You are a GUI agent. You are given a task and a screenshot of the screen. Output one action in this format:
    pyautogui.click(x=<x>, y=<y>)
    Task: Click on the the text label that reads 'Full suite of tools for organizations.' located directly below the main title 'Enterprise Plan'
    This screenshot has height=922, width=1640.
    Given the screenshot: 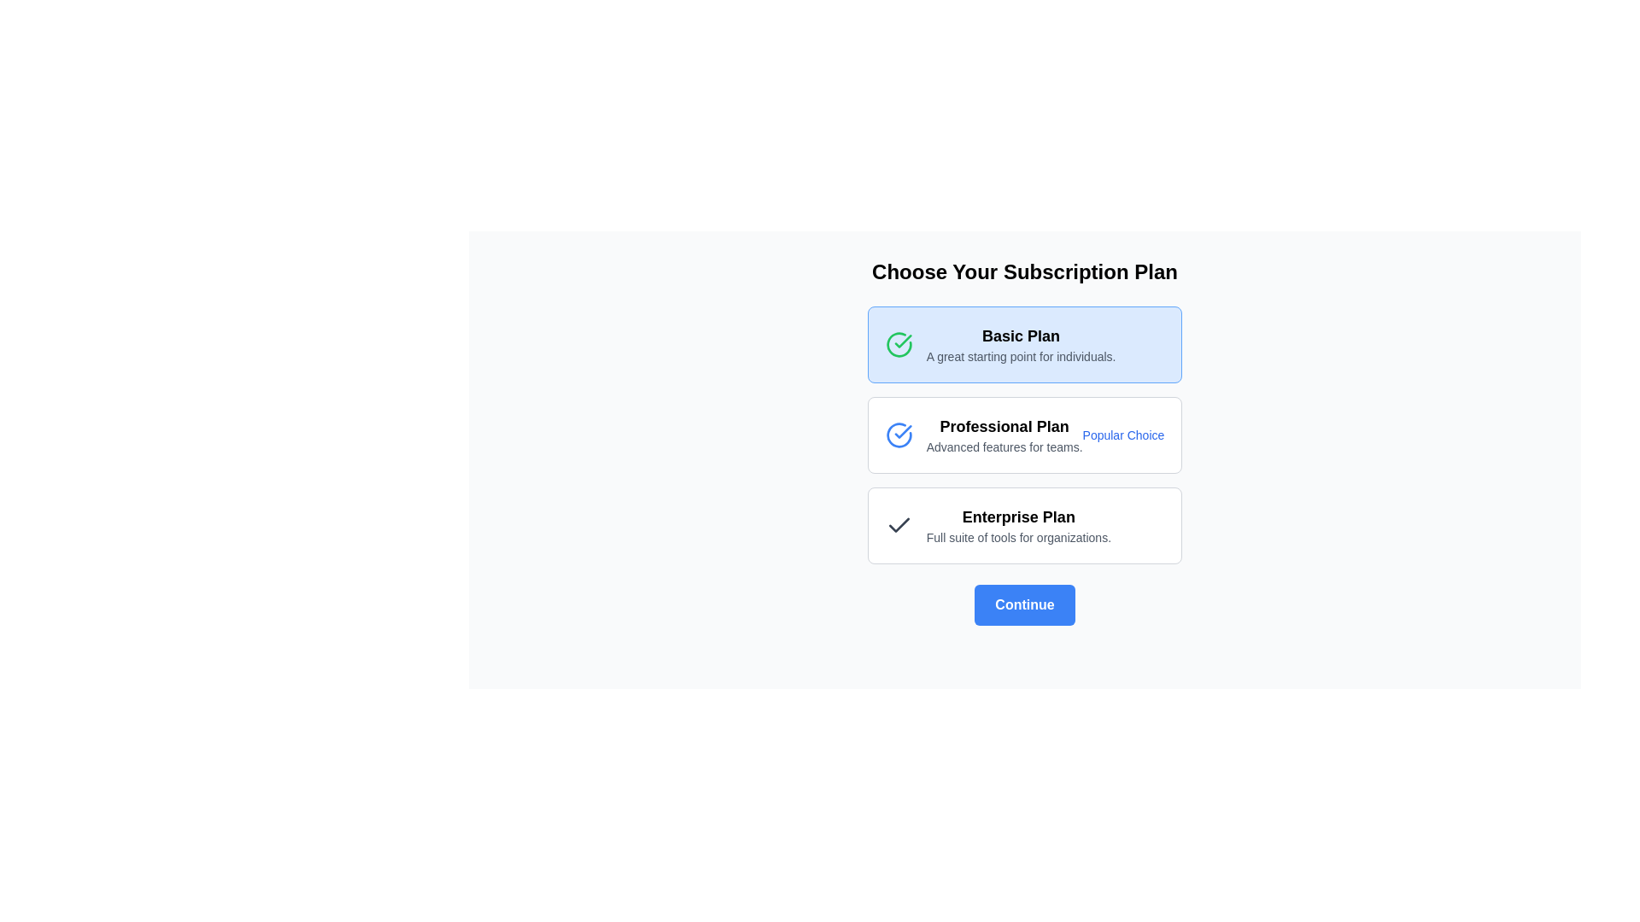 What is the action you would take?
    pyautogui.click(x=1018, y=536)
    